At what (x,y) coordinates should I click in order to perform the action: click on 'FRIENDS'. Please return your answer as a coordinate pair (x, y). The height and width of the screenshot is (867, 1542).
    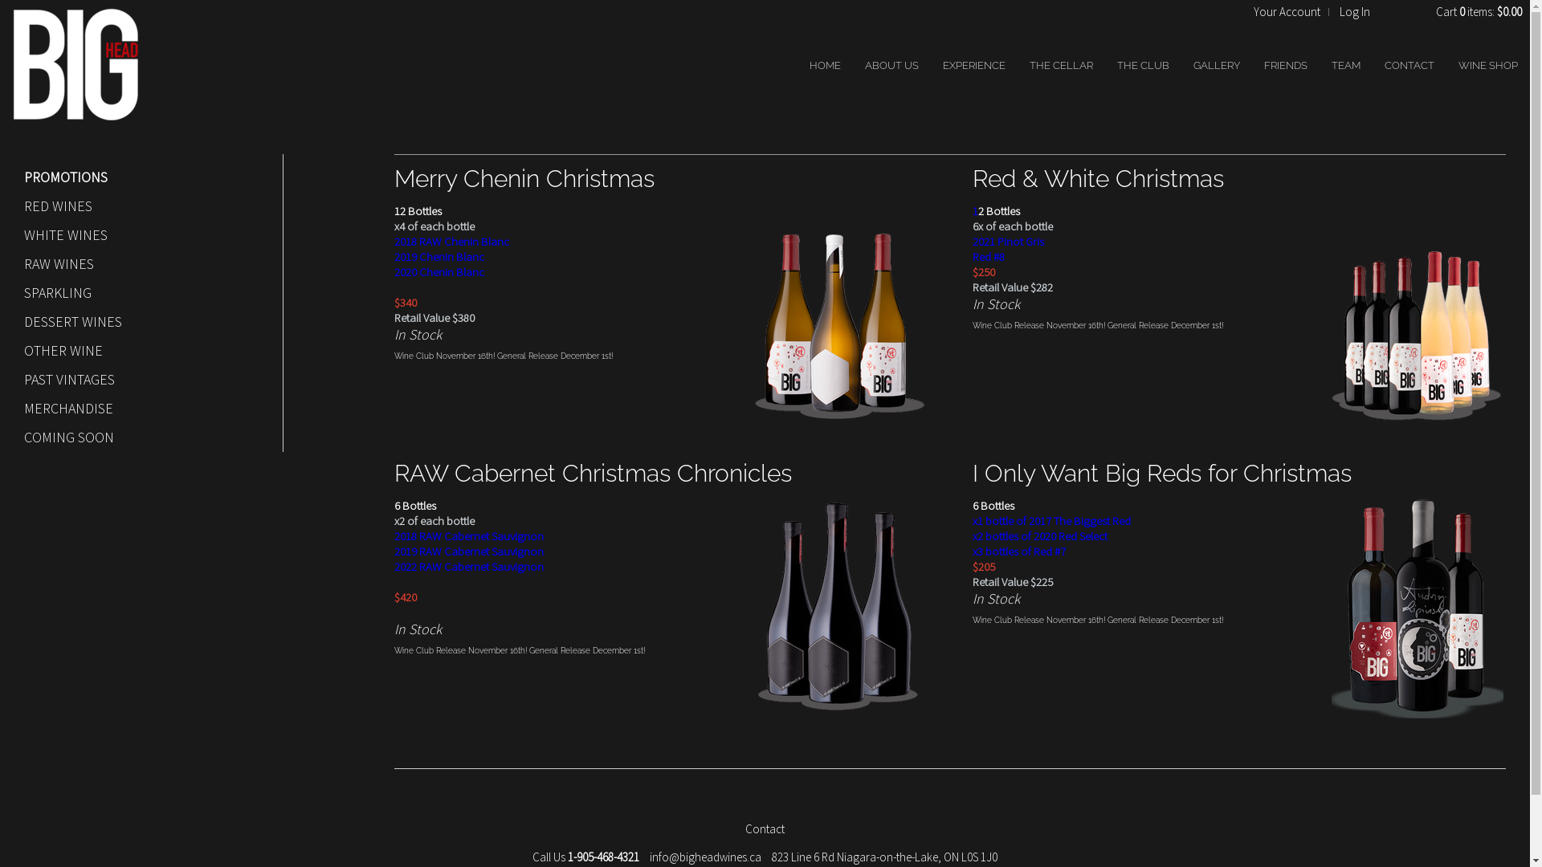
    Looking at the image, I should click on (1263, 64).